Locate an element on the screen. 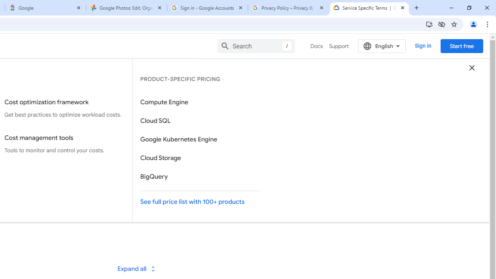  'Close dropdown menu' is located at coordinates (471, 67).